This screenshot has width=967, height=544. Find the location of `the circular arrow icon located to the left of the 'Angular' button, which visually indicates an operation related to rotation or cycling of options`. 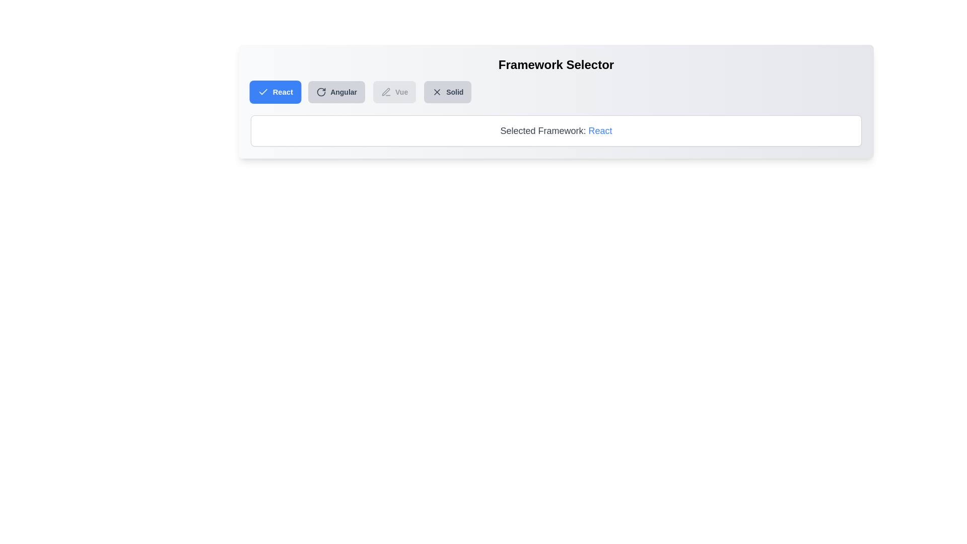

the circular arrow icon located to the left of the 'Angular' button, which visually indicates an operation related to rotation or cycling of options is located at coordinates (321, 92).